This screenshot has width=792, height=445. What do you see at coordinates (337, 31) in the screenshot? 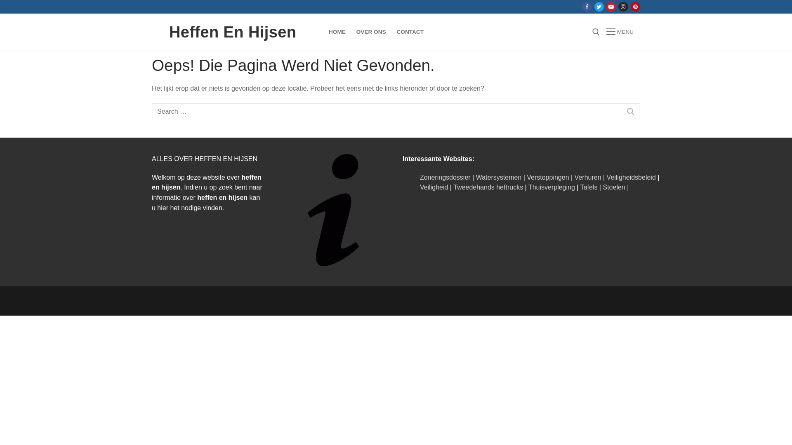
I see `'HOME'` at bounding box center [337, 31].